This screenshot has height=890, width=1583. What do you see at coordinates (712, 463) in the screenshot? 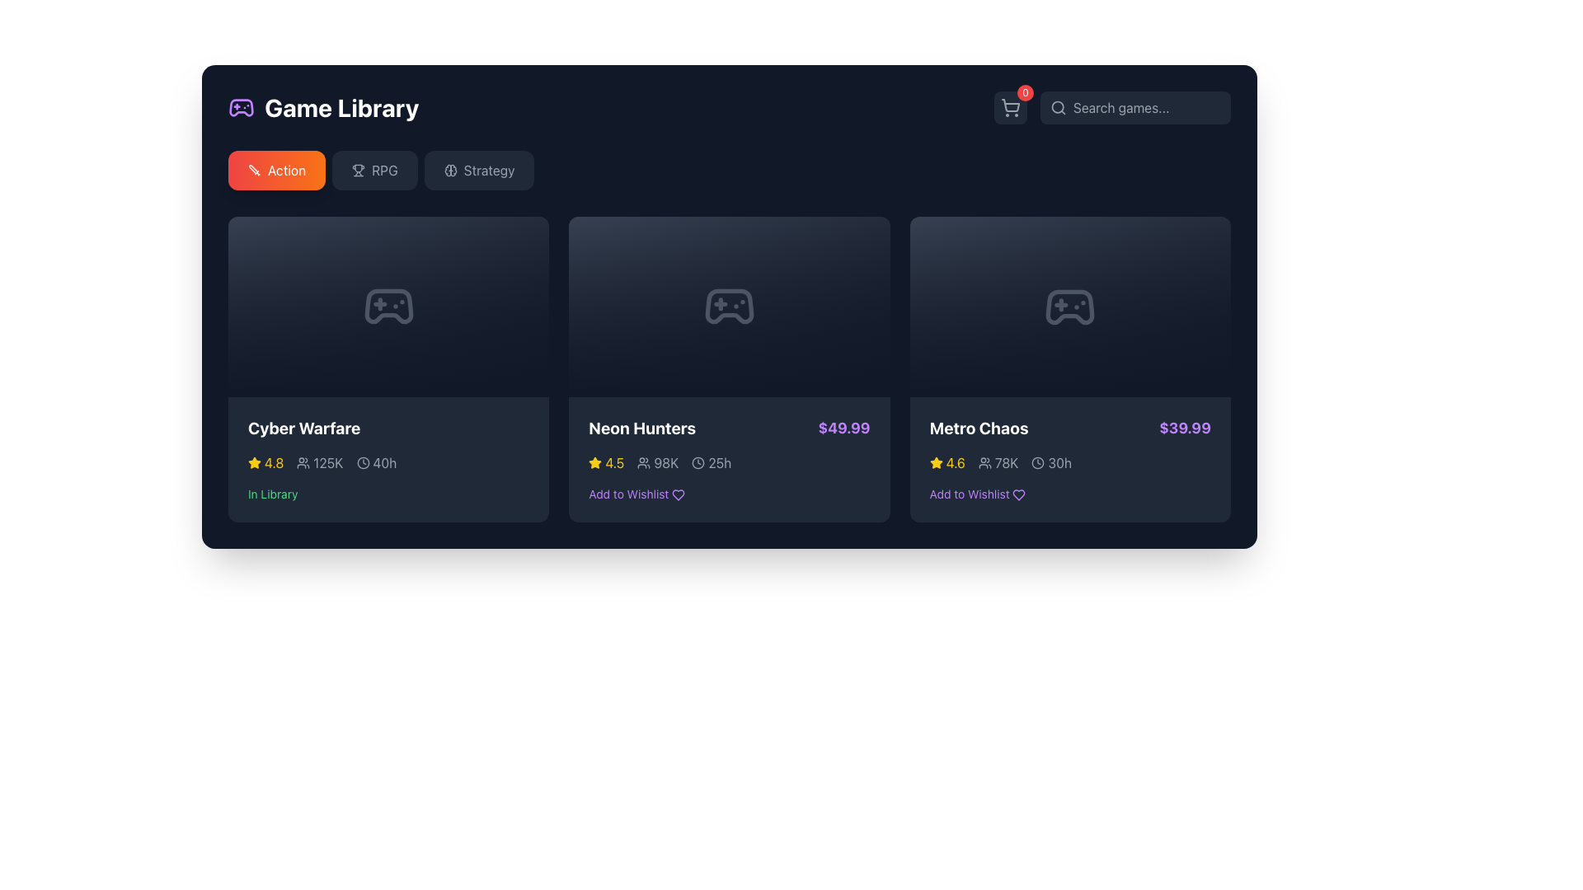
I see `displayed information from the composite UI component featuring a clock icon and the text '25h', located in the metadata section beneath the card titled 'Neon Hunters'` at bounding box center [712, 463].